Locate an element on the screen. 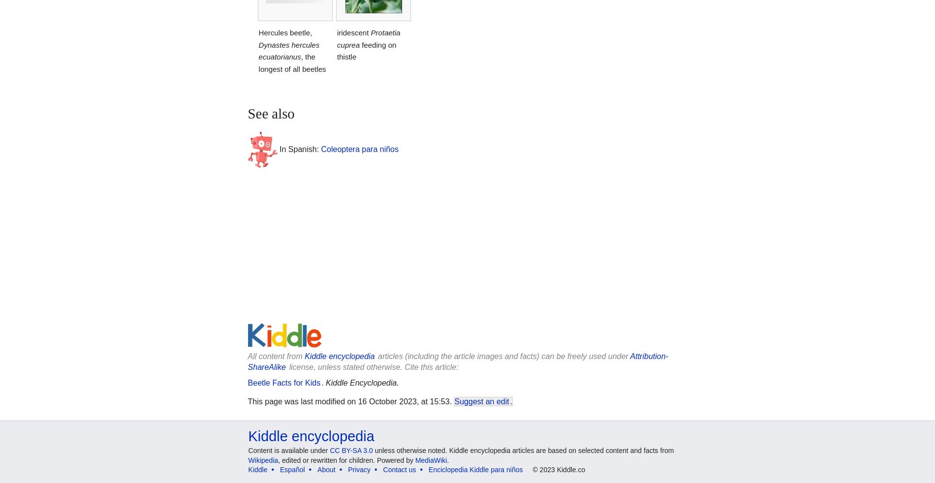 The height and width of the screenshot is (483, 935). 'unless otherwise noted. 
Kiddle encyclopedia articles are based on selected content and facts from' is located at coordinates (523, 450).